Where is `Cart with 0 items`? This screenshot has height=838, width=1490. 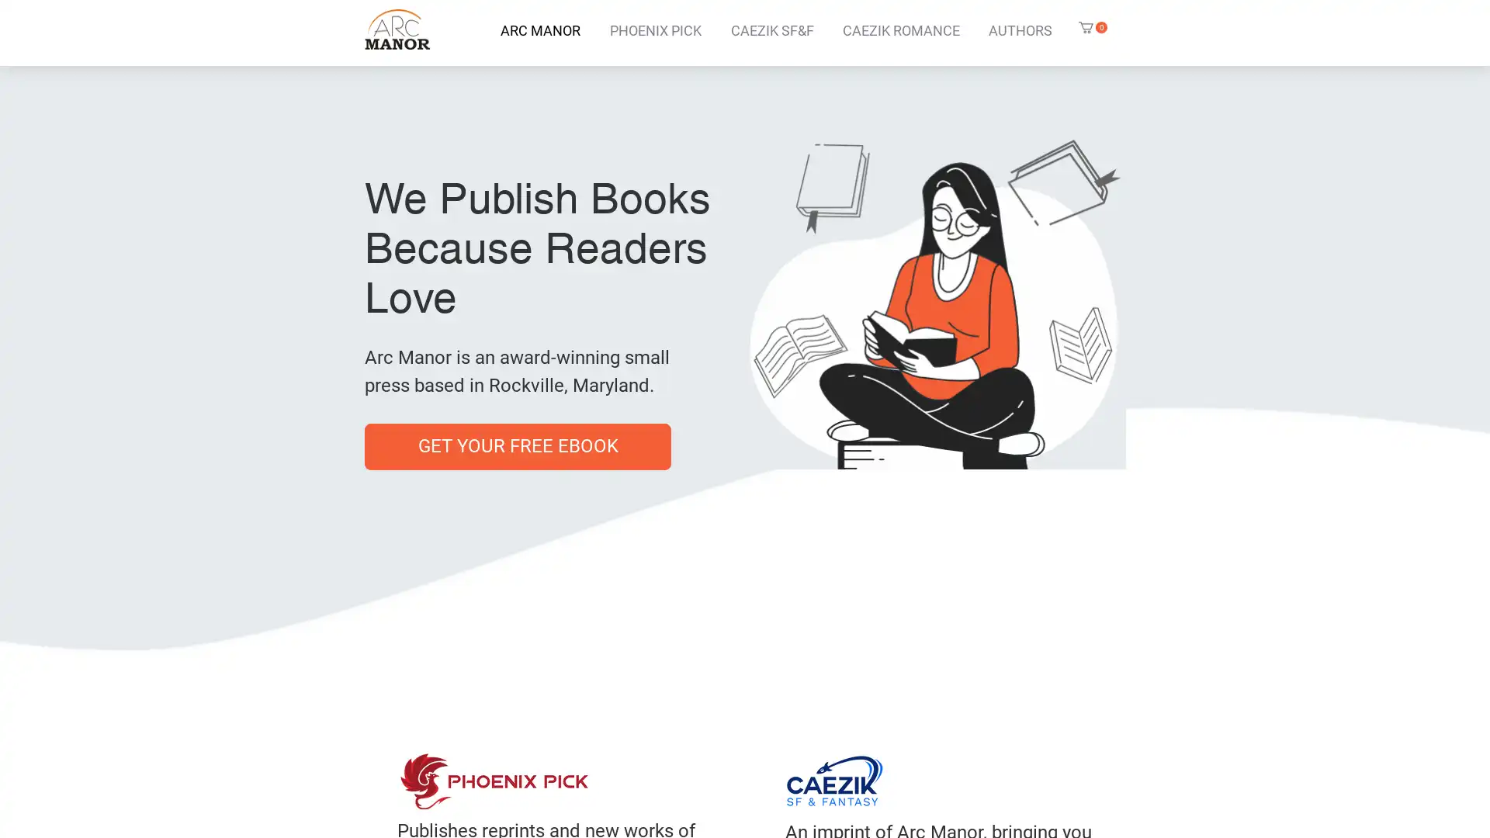
Cart with 0 items is located at coordinates (1092, 27).